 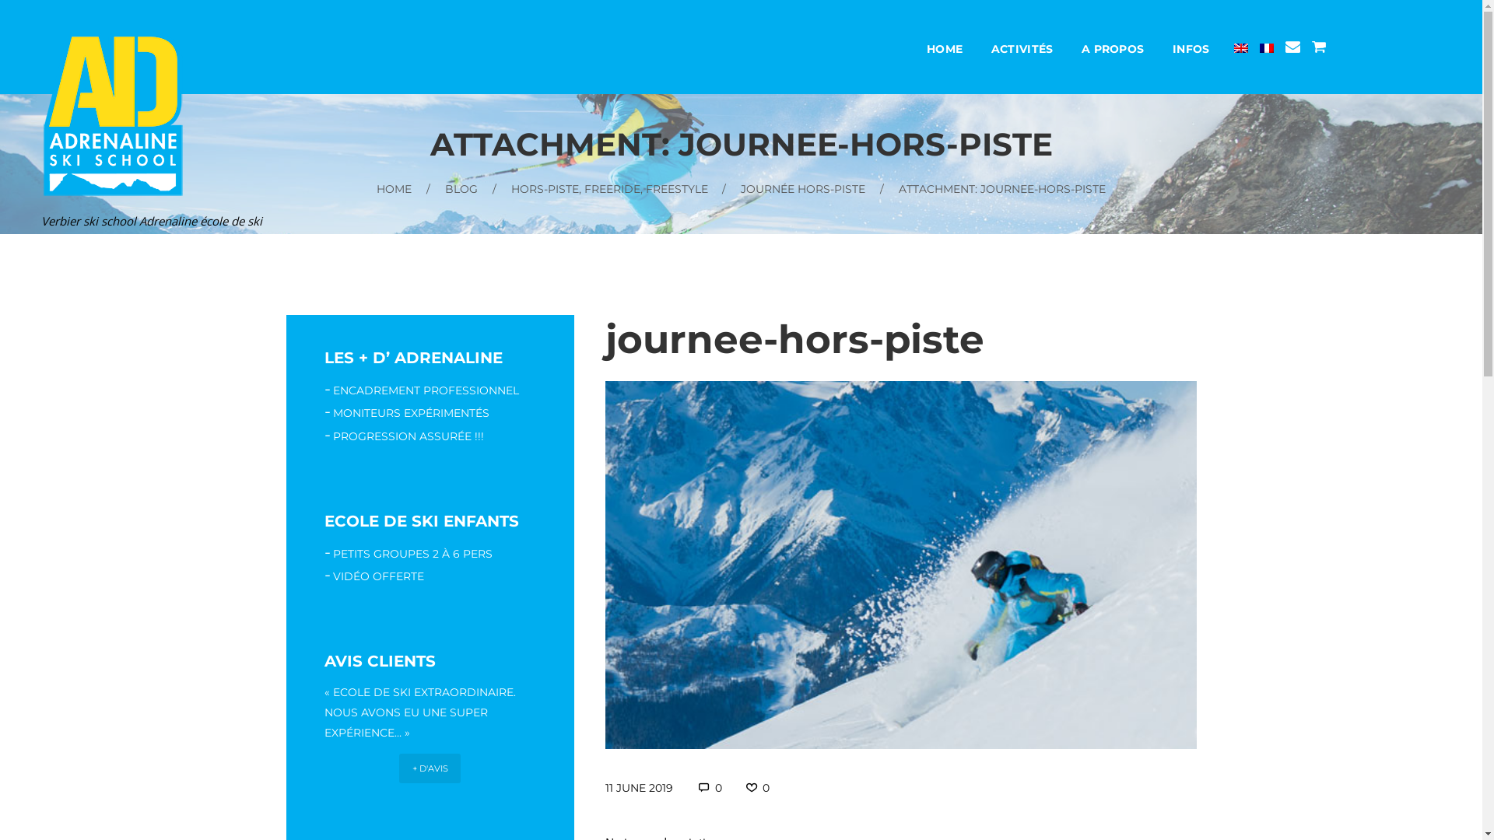 What do you see at coordinates (1240, 47) in the screenshot?
I see `'English'` at bounding box center [1240, 47].